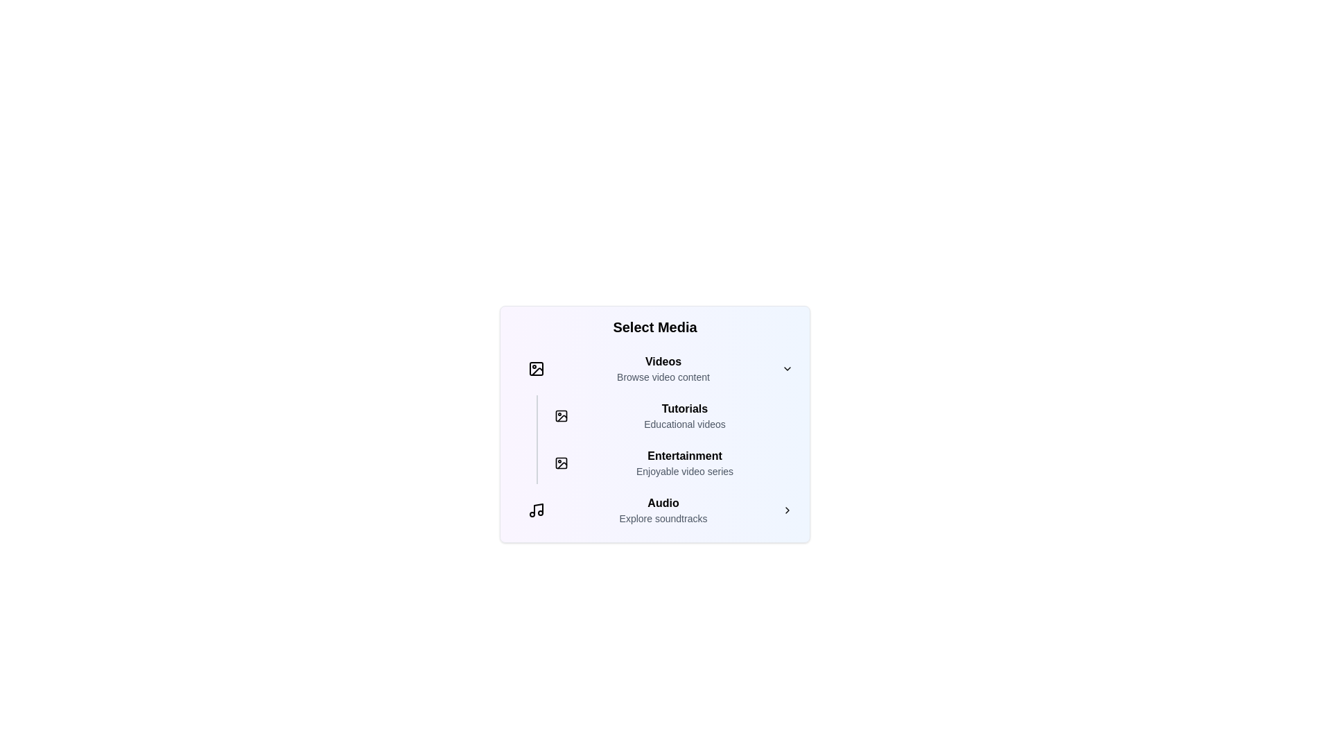 The width and height of the screenshot is (1331, 749). What do you see at coordinates (788, 510) in the screenshot?
I see `the chevron-right icon located at the far right of the 'AudioExplore soundtracks' section` at bounding box center [788, 510].